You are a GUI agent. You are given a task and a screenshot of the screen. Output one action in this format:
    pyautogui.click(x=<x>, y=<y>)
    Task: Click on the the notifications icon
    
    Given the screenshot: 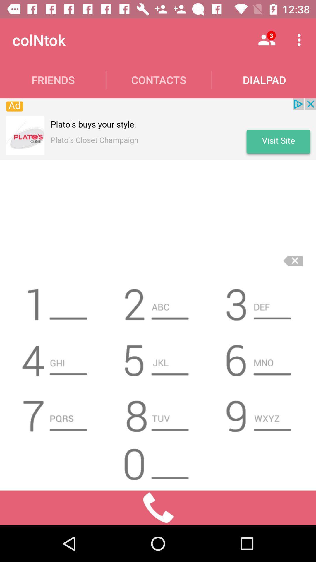 What is the action you would take?
    pyautogui.click(x=56, y=357)
    